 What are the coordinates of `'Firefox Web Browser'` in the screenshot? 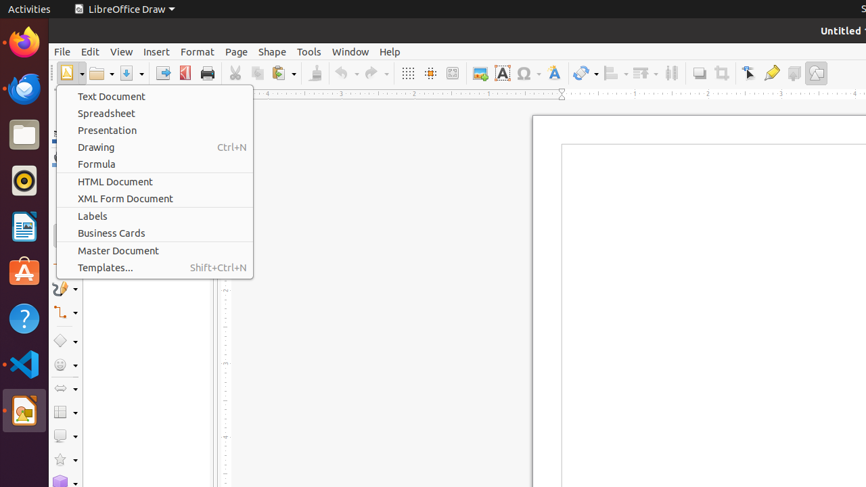 It's located at (24, 41).